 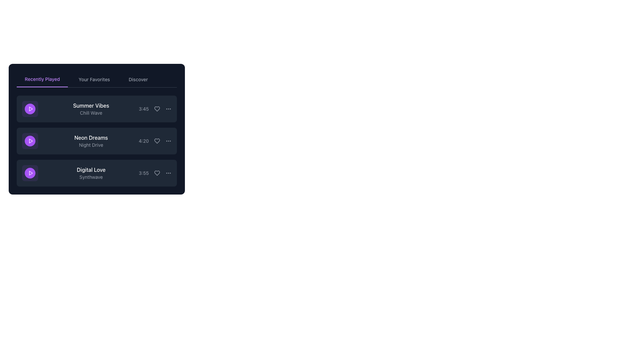 I want to click on the static text label displaying 'Summer Vibes', which is the first text element in its grouping, located near the top left of a vertical list, so click(x=91, y=105).